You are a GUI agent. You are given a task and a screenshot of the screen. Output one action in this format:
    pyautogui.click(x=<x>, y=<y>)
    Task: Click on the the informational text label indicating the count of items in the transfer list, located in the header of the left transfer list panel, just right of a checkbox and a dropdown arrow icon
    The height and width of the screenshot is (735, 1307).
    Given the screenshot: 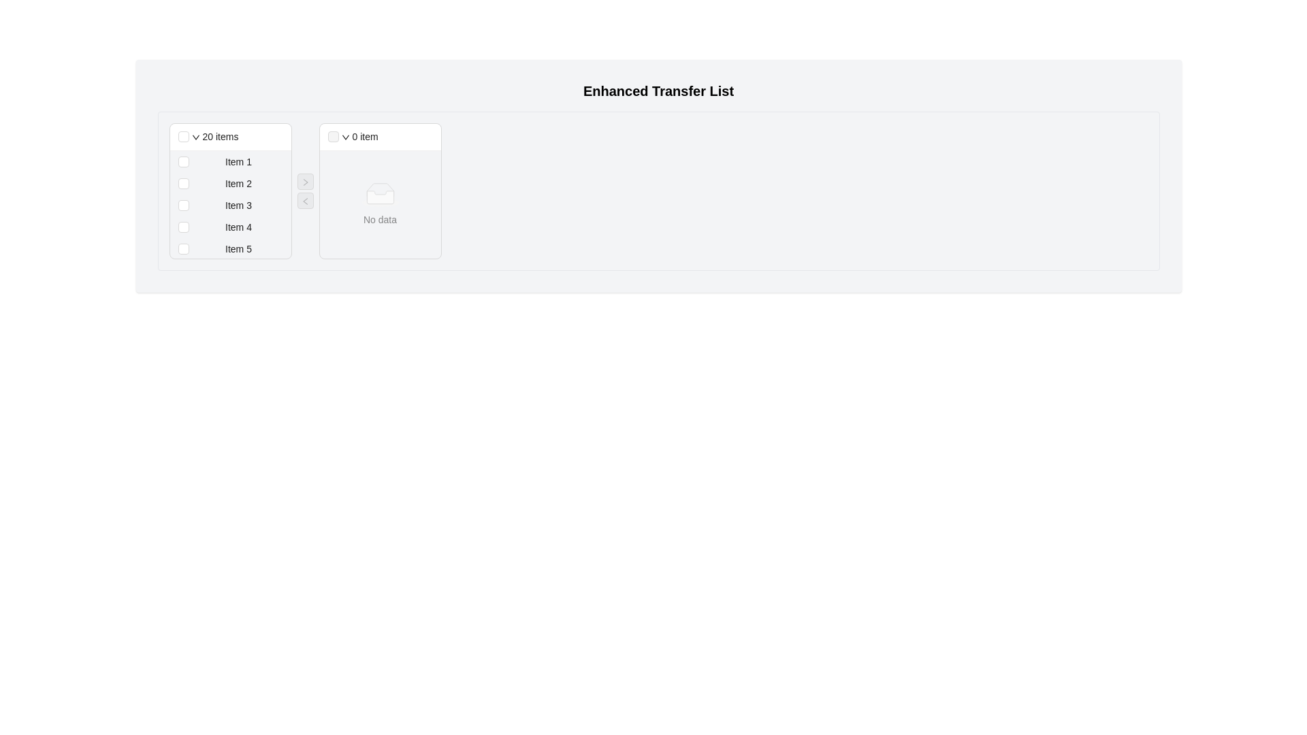 What is the action you would take?
    pyautogui.click(x=220, y=136)
    